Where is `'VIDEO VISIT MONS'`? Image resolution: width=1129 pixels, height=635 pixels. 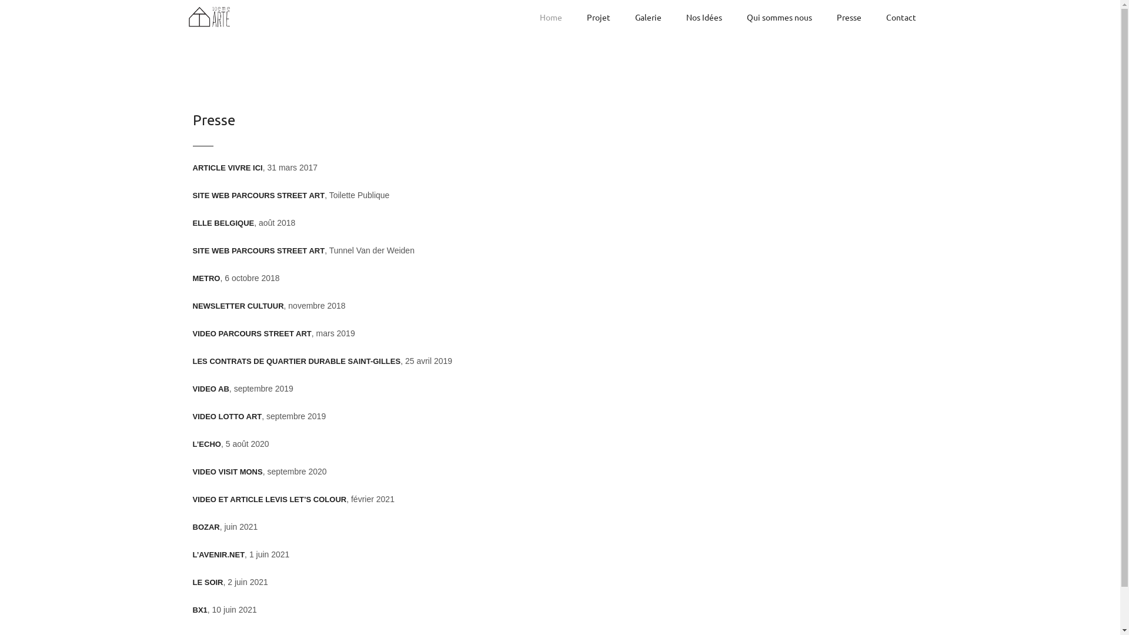
'VIDEO VISIT MONS' is located at coordinates (228, 471).